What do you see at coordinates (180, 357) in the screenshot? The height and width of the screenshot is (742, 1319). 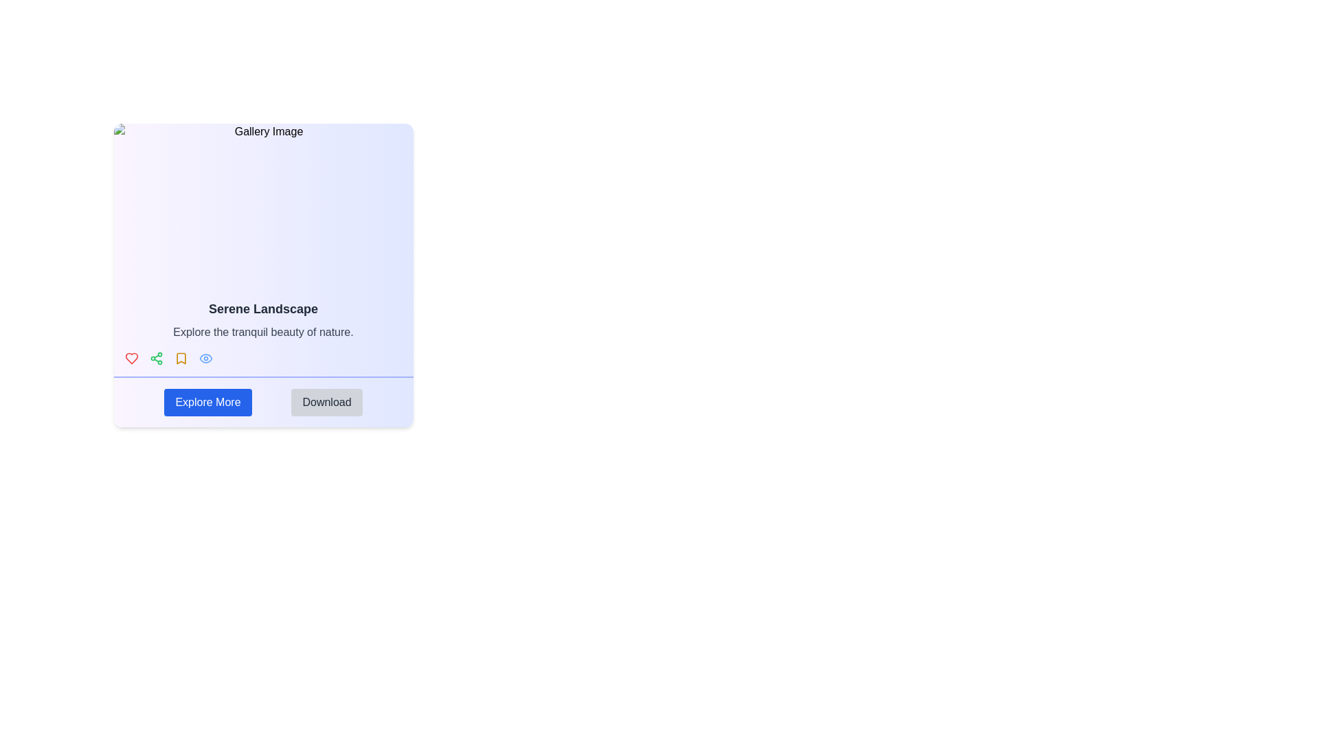 I see `the bookmark icon located at the bottom middle of the card layout, positioned between the 'share' icon and the 'view' icon` at bounding box center [180, 357].